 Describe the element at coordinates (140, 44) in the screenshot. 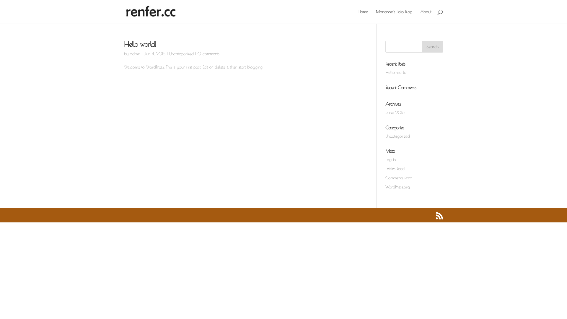

I see `'Hello world!'` at that location.